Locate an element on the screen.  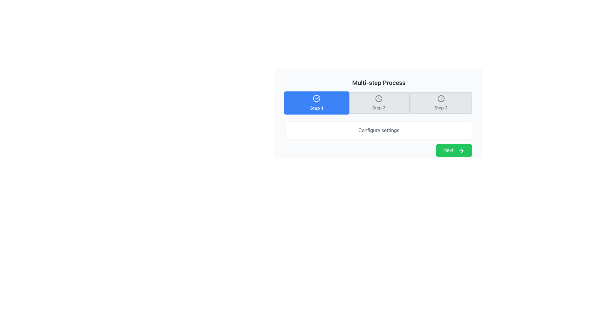
the graphical indicator icon centered inside the 'Step 1' button, located at the top-middle part of the button area is located at coordinates (317, 98).